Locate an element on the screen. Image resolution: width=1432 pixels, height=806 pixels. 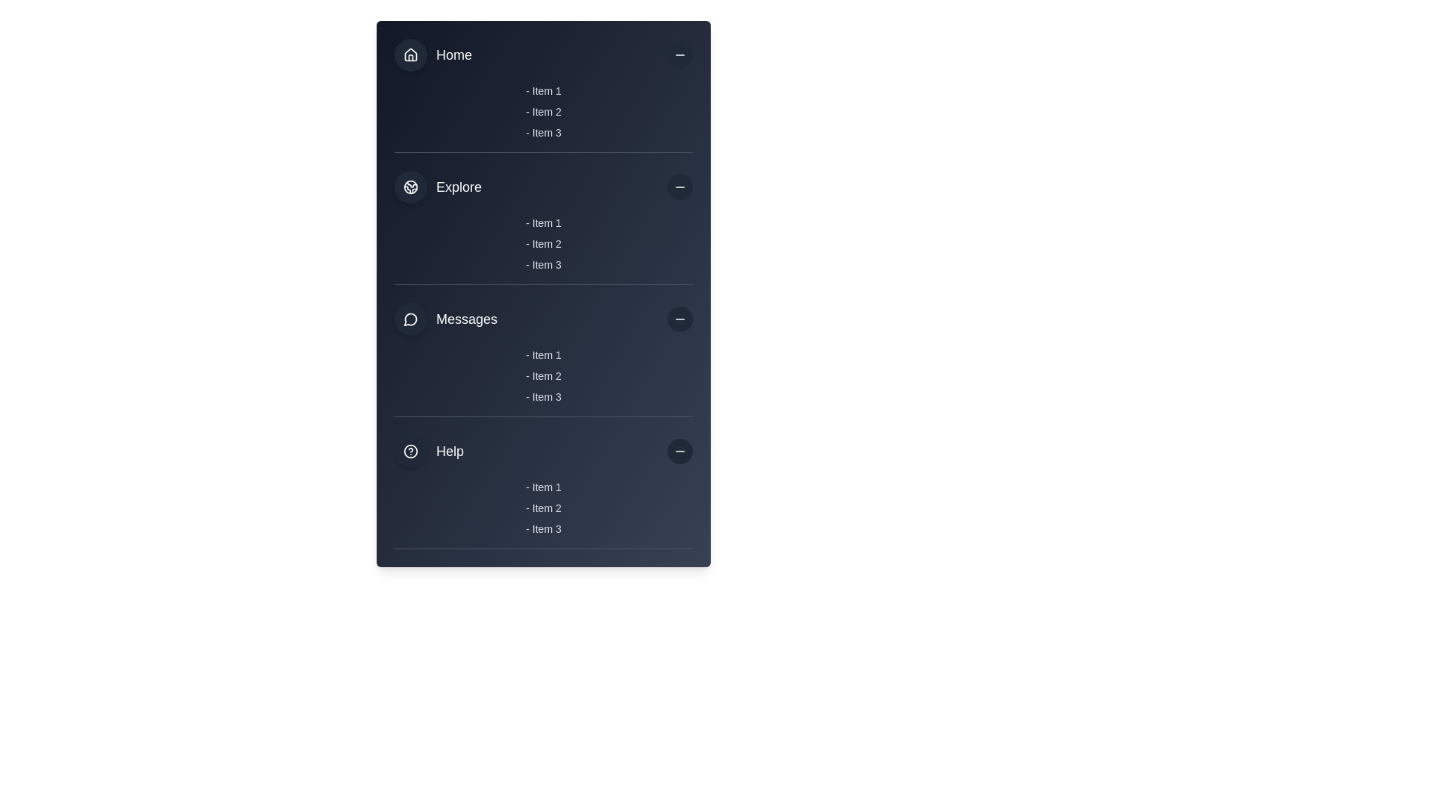
the Text Label displaying '- Item 1', which is the first item in the 'Messages' section, styled in light gray on a dark blue background is located at coordinates (543, 354).